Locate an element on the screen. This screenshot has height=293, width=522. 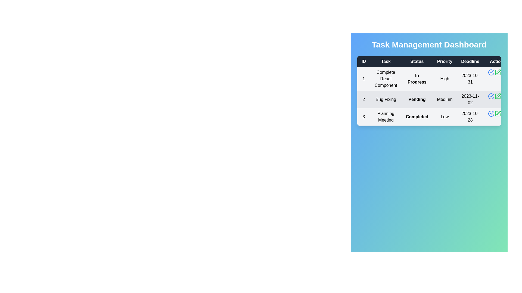
the edit button for task 3 is located at coordinates (497, 113).